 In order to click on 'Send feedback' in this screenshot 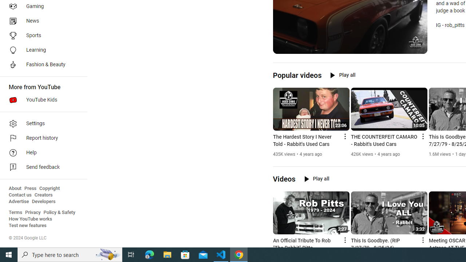, I will do `click(41, 167)`.